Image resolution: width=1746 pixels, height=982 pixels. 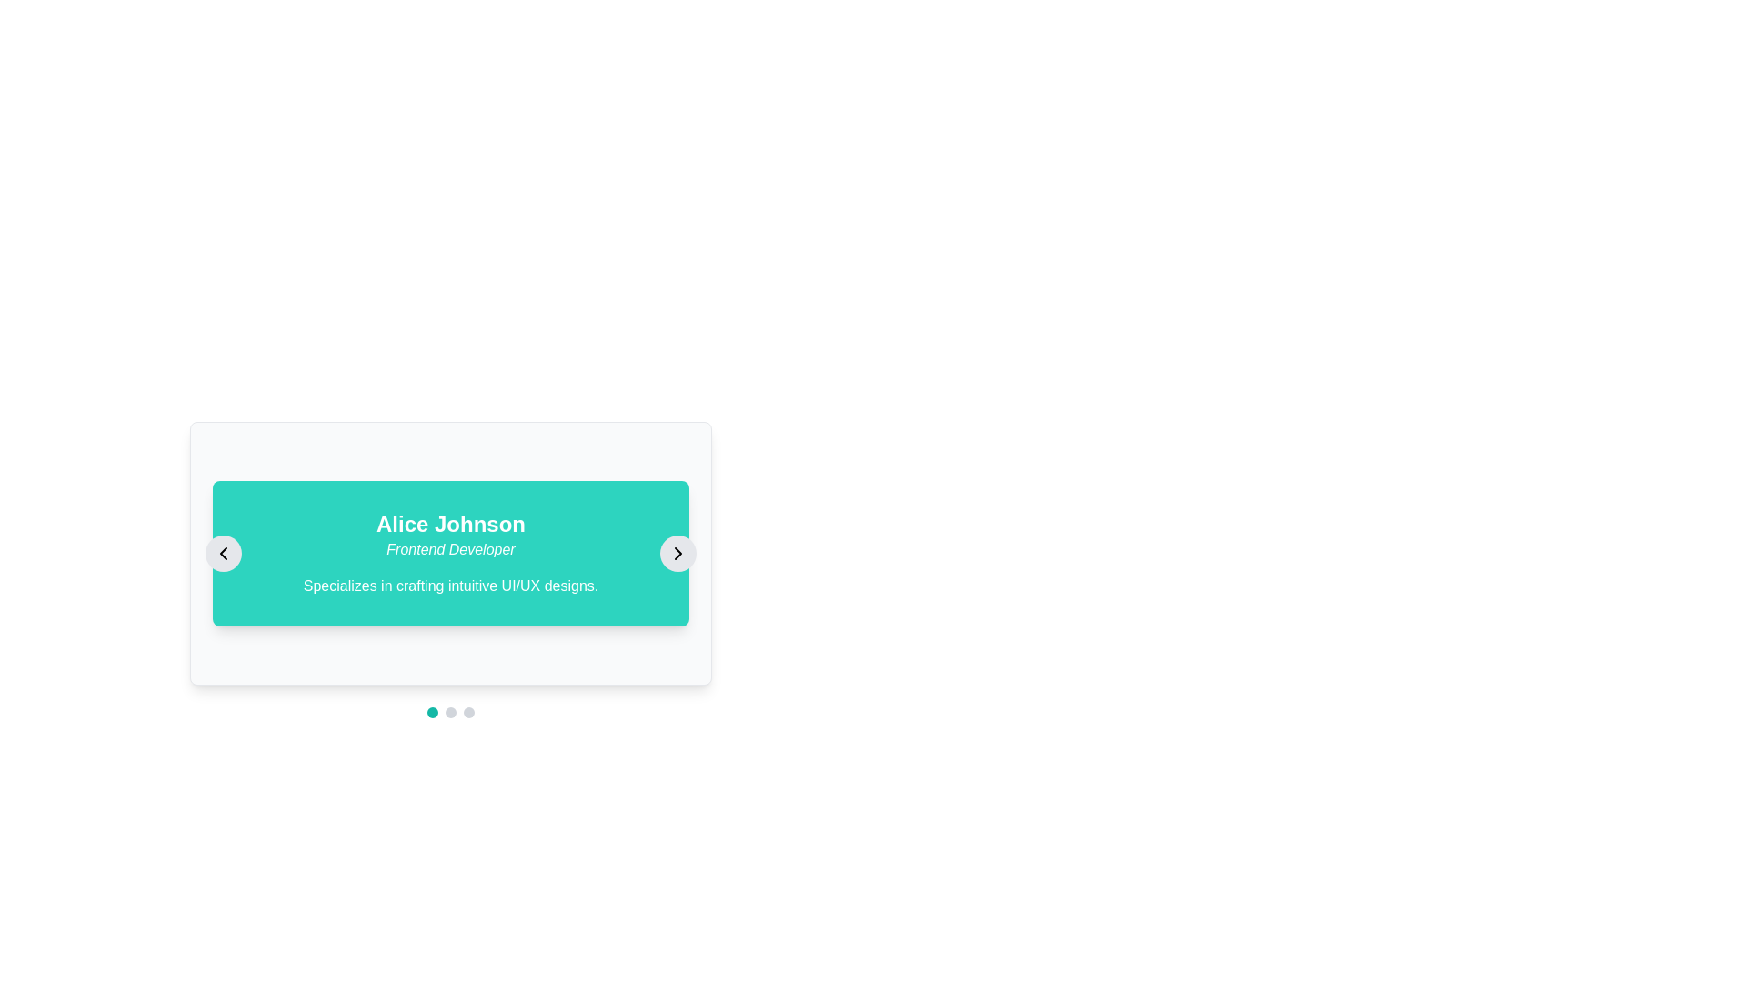 What do you see at coordinates (450, 525) in the screenshot?
I see `the headline text element that identifies the name of a person or entity, located at the top of the card above 'Frontend Developer' and 'Specializes in crafting intuitive UI/UX designs.'` at bounding box center [450, 525].